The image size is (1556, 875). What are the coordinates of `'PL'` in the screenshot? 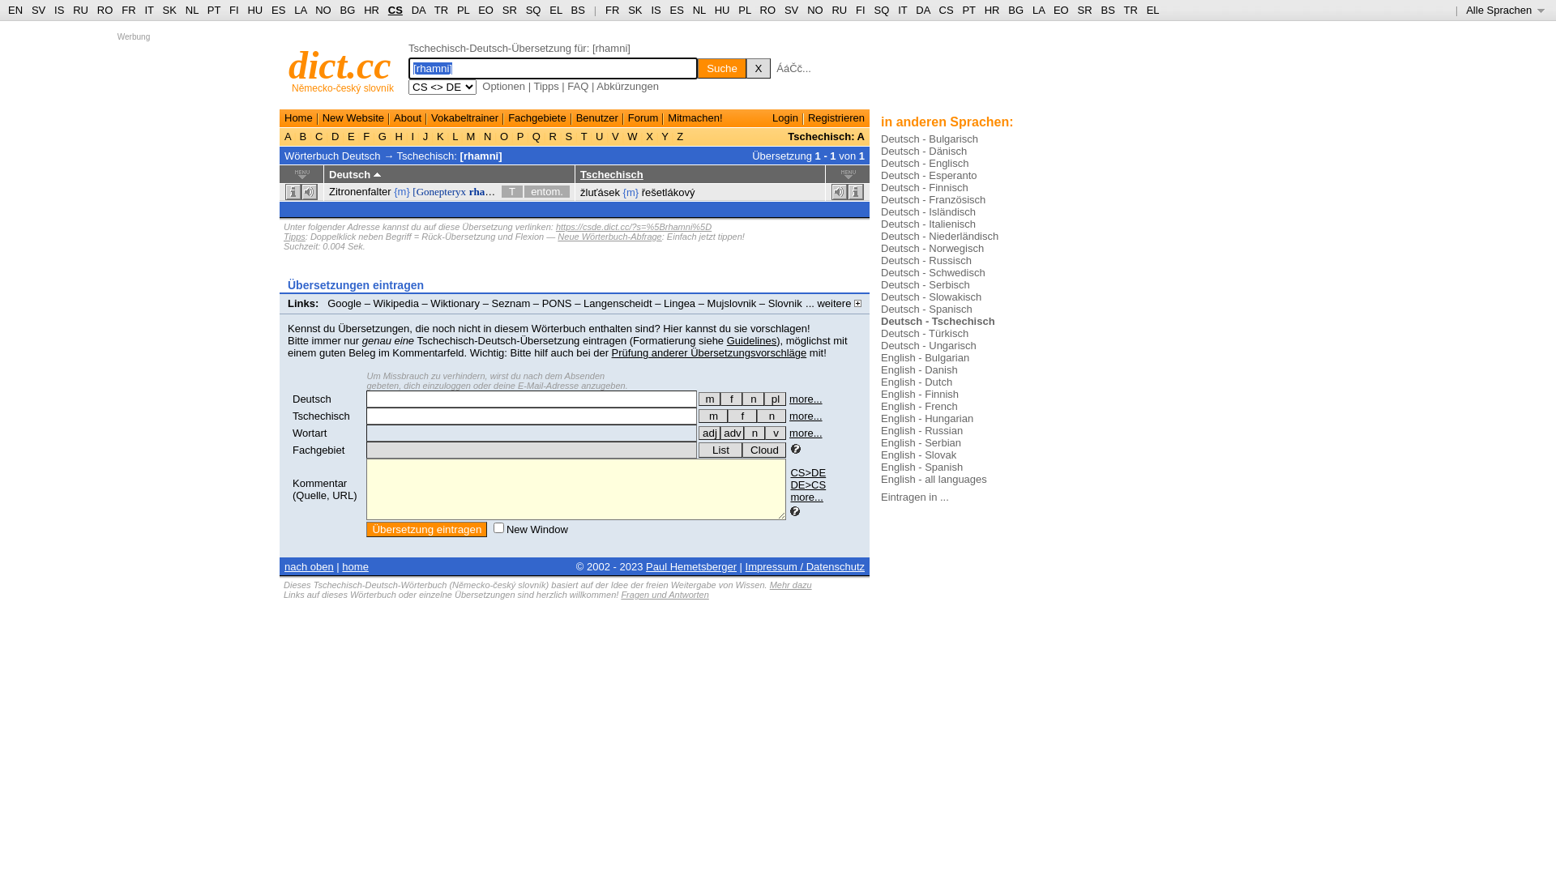 It's located at (462, 10).